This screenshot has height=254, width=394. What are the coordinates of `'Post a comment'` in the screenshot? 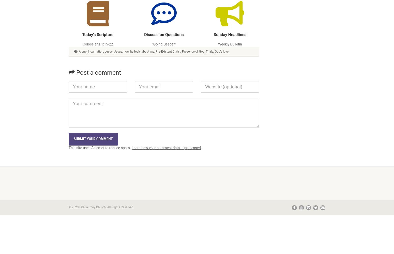 It's located at (98, 72).